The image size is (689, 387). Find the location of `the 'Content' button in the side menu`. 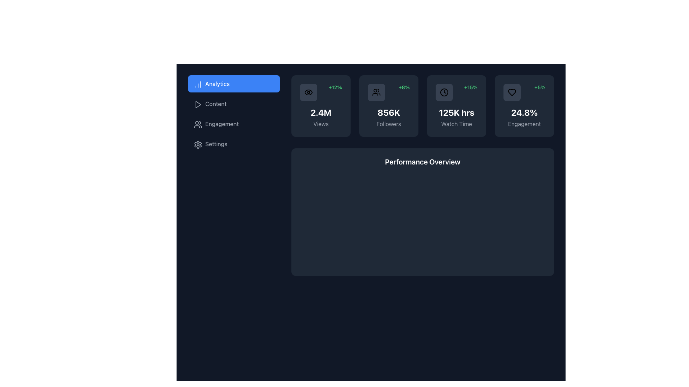

the 'Content' button in the side menu is located at coordinates (234, 104).